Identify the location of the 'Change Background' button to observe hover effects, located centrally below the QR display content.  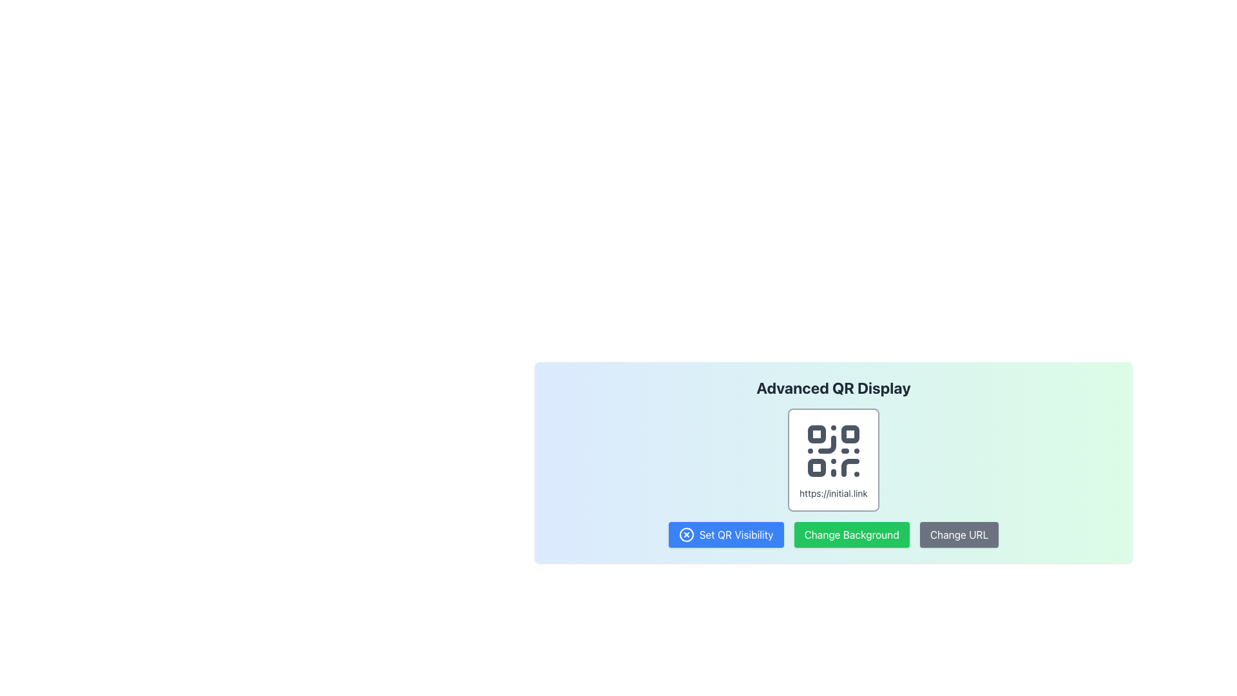
(852, 534).